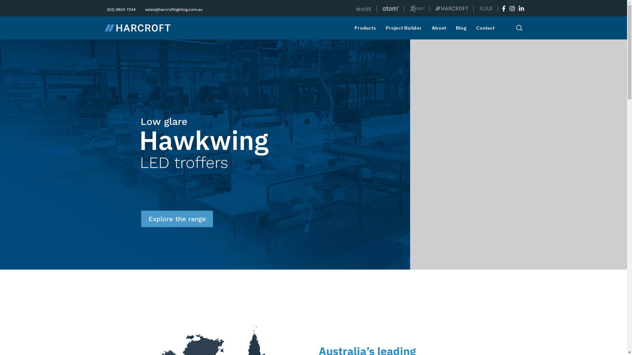 This screenshot has width=632, height=355. I want to click on 'Search', so click(519, 27).